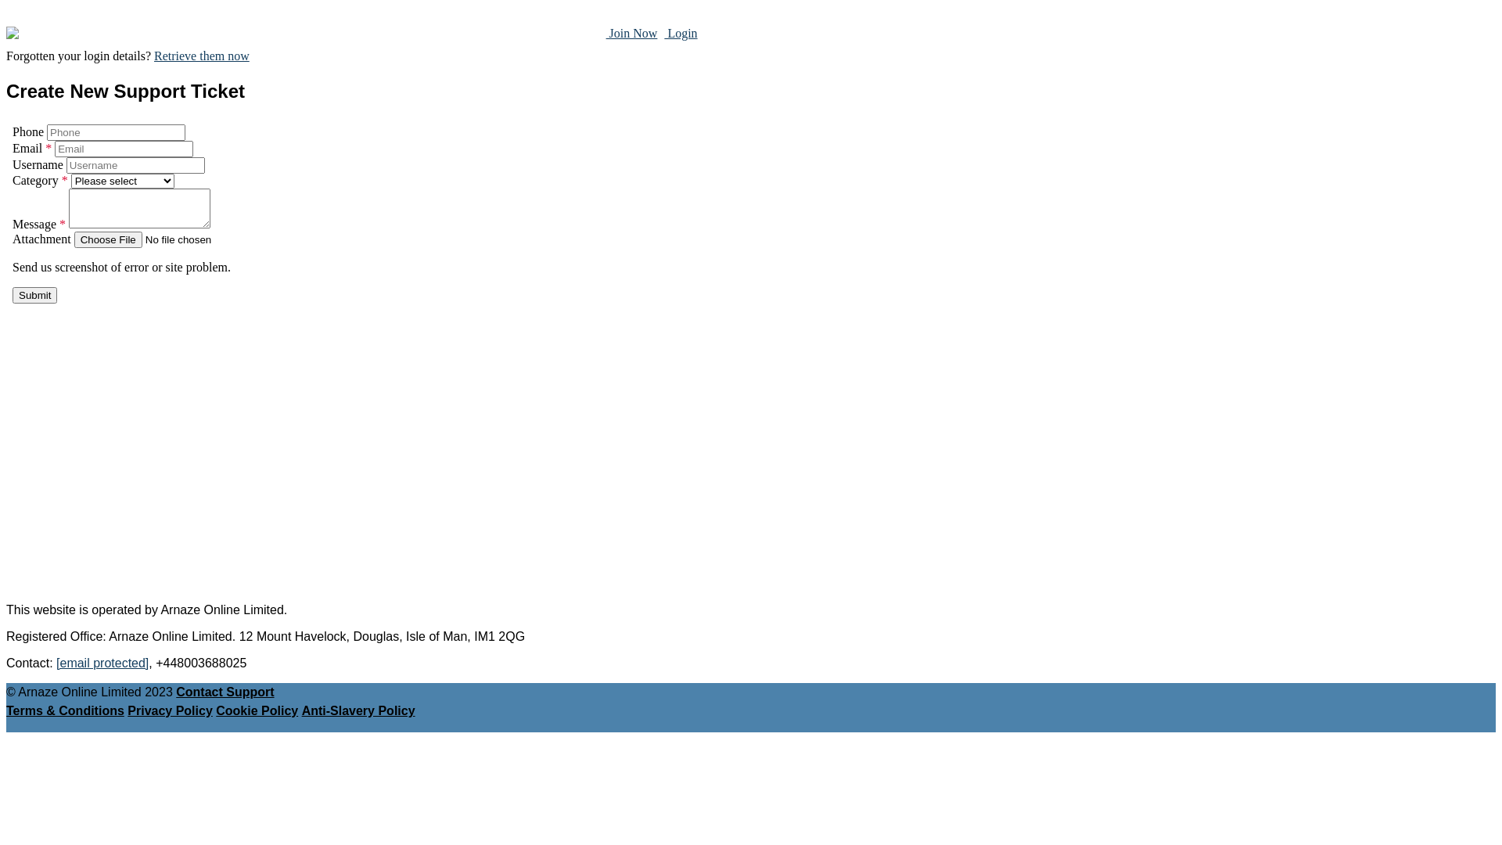 The image size is (1502, 845). What do you see at coordinates (201, 55) in the screenshot?
I see `'Retrieve them now'` at bounding box center [201, 55].